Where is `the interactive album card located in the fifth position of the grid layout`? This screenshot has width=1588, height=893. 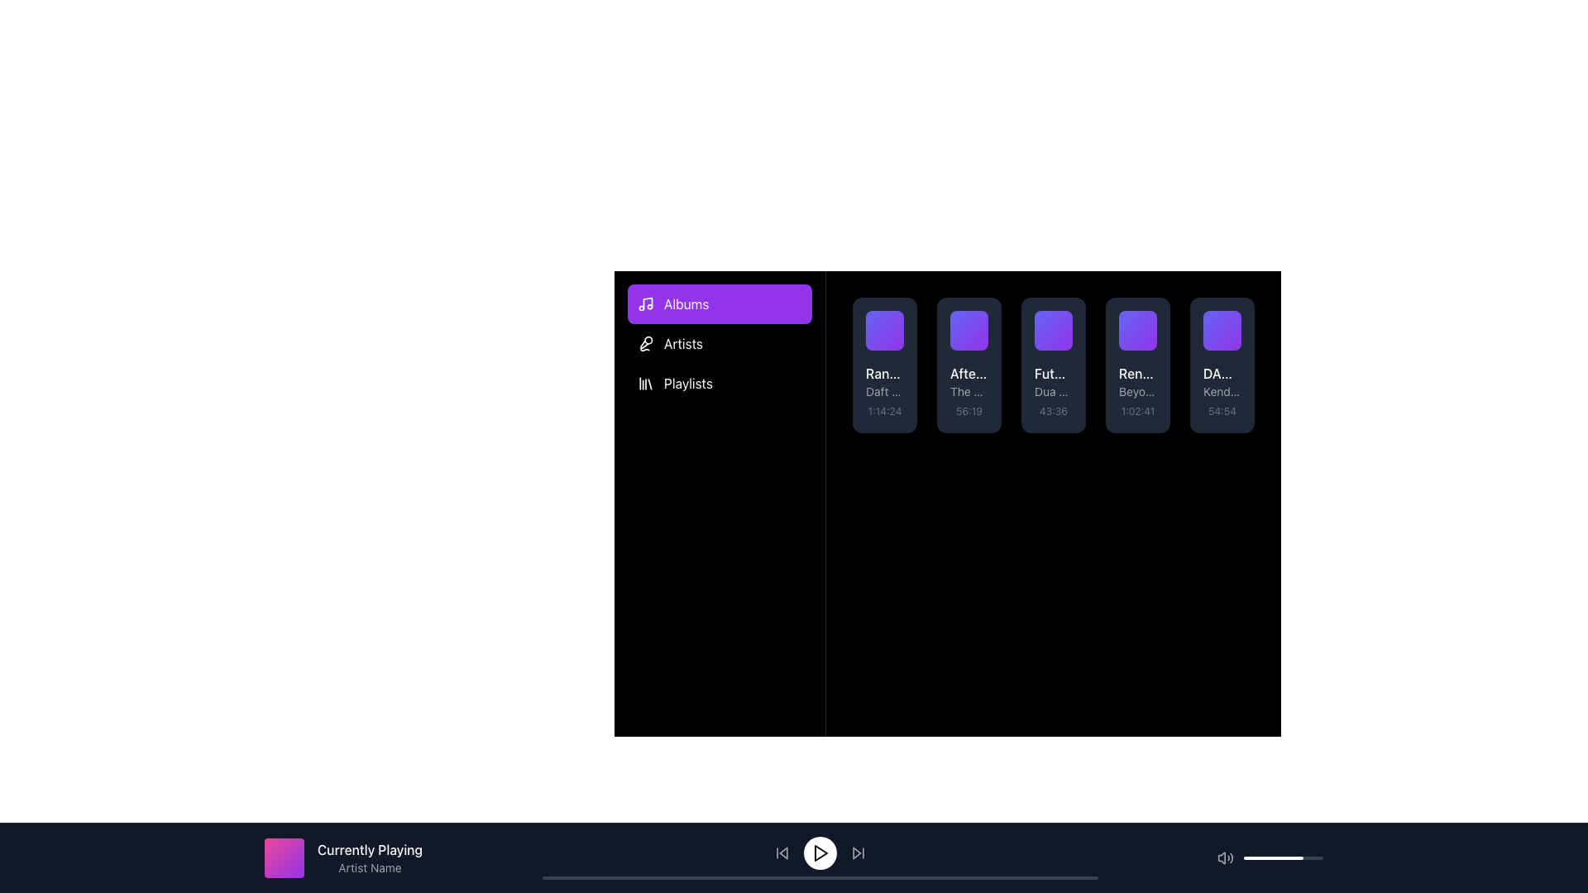 the interactive album card located in the fifth position of the grid layout is located at coordinates (1222, 365).